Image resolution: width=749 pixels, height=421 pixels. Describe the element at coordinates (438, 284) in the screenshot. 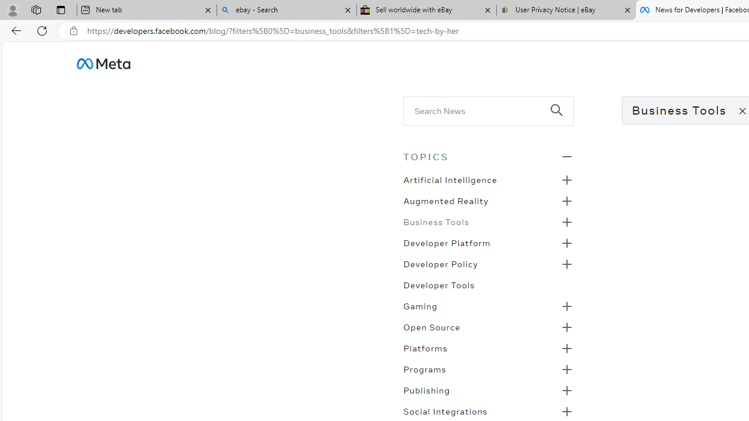

I see `'Developer Tools'` at that location.